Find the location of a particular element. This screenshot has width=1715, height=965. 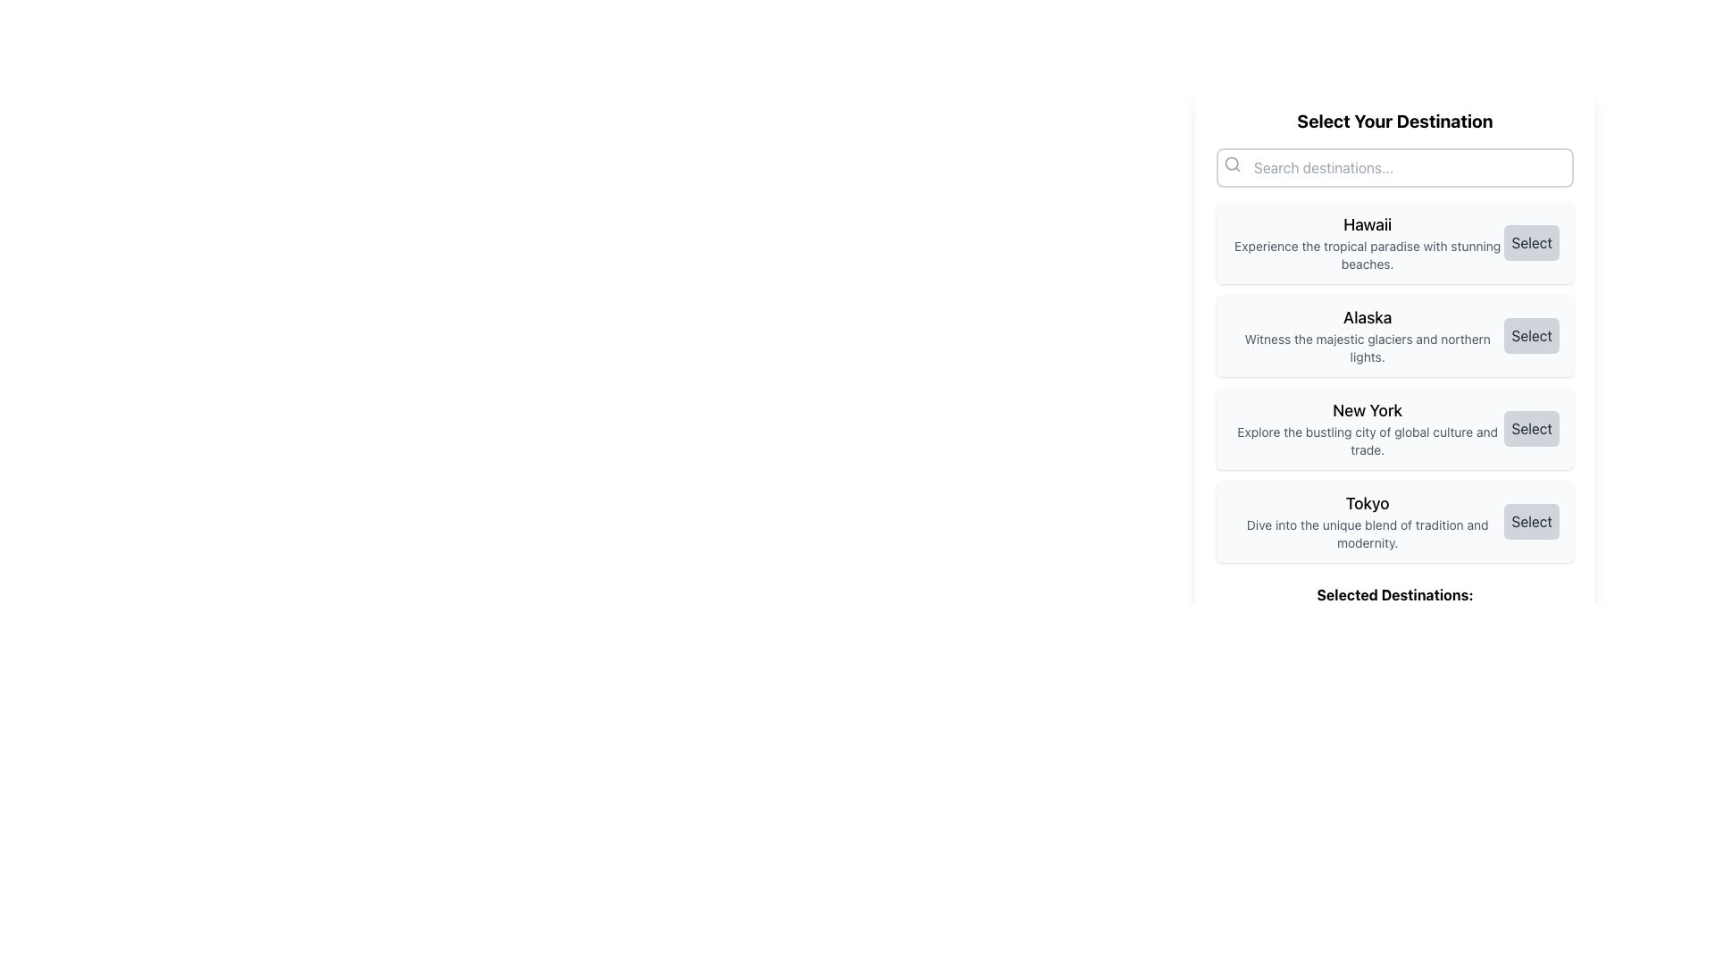

the title text label for 'Hawaii', which is the first textual component in its card layout, to emphasize its importance and reveal associated options is located at coordinates (1367, 223).